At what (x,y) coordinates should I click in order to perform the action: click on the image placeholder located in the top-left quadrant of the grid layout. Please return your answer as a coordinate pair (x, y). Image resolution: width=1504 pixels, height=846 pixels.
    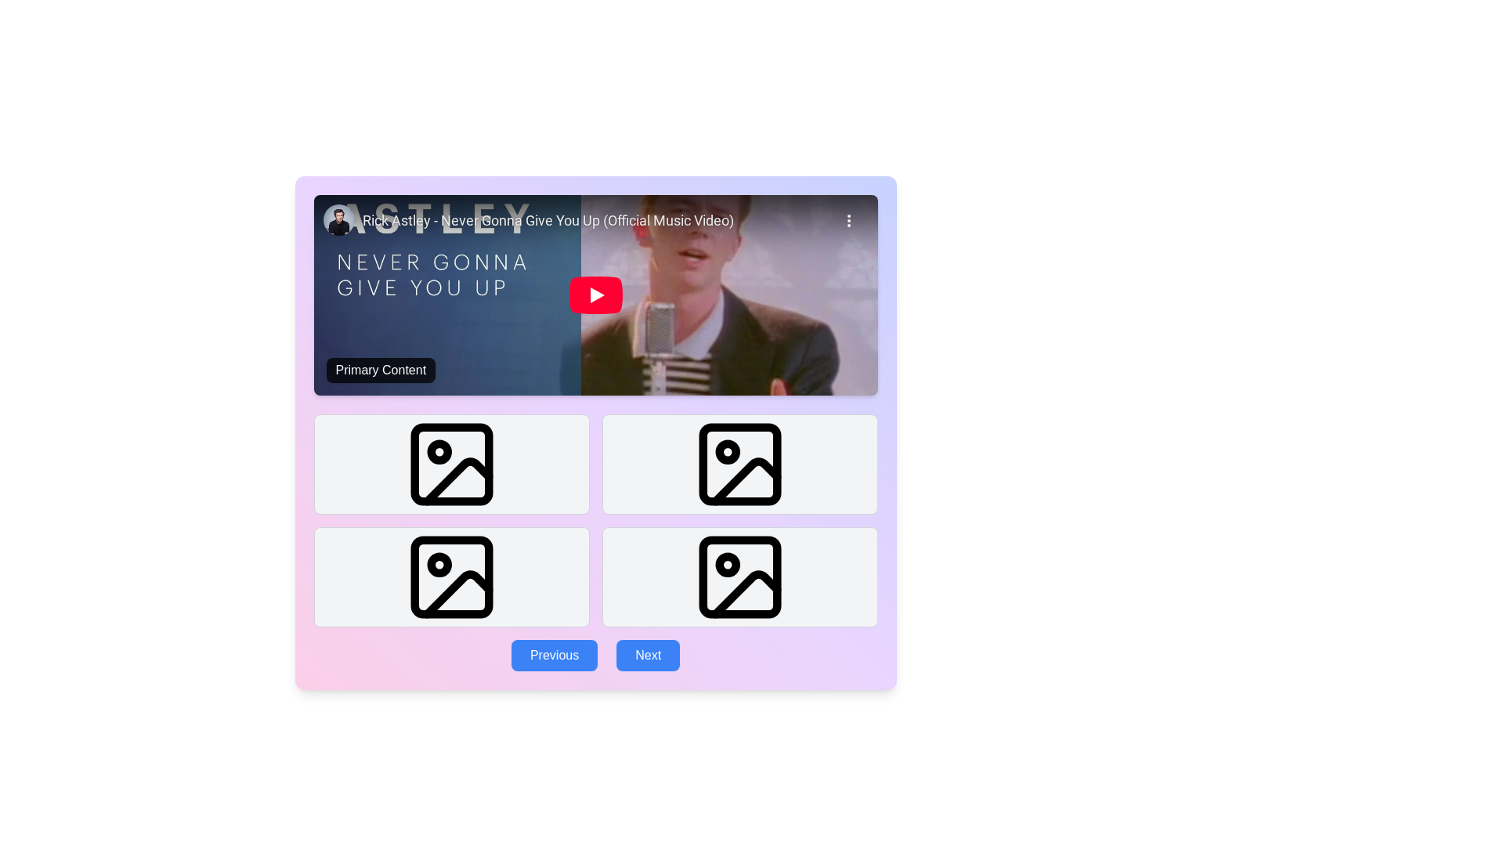
    Looking at the image, I should click on (450, 464).